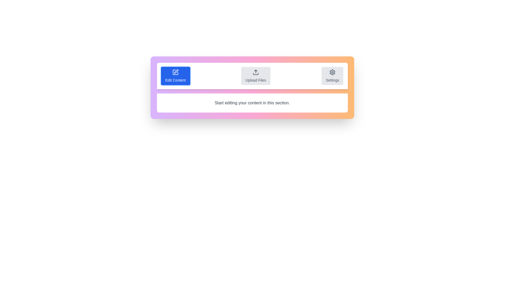 This screenshot has height=286, width=509. What do you see at coordinates (252, 76) in the screenshot?
I see `the 'Upload Files' button located in the middle of the horizontal bar with a white background that contains three buttons: 'Edit Content', 'Upload Files', and 'Settings'` at bounding box center [252, 76].